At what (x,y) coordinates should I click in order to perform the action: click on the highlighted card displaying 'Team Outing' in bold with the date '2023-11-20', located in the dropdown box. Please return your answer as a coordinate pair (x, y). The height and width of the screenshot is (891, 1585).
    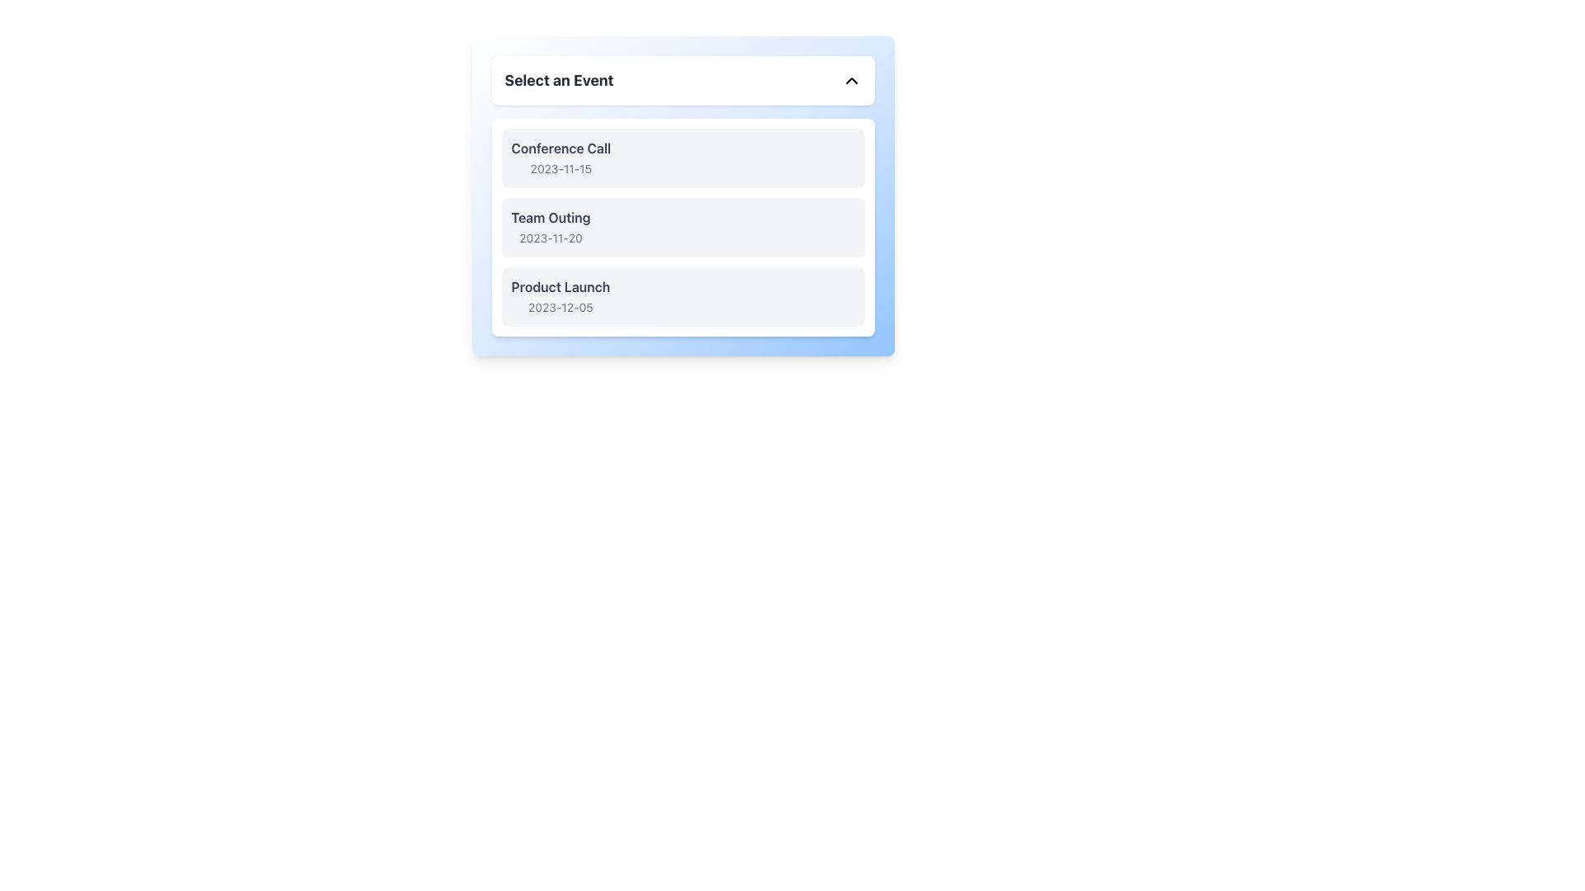
    Looking at the image, I should click on (683, 228).